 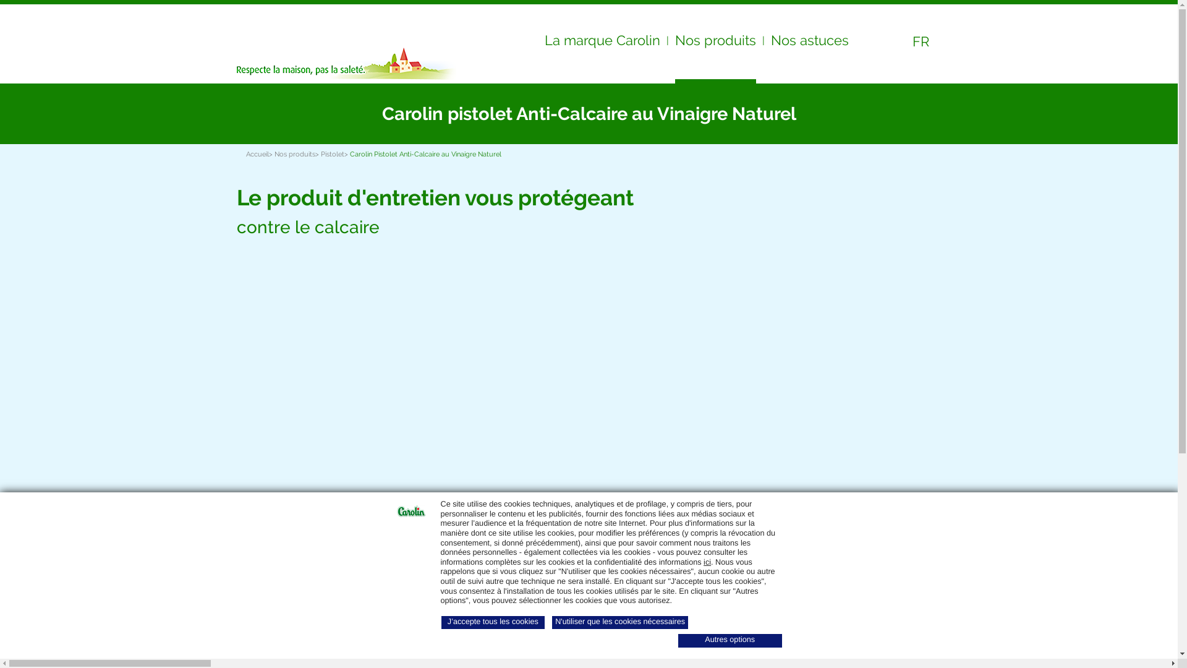 I want to click on 'Pistolet', so click(x=332, y=153).